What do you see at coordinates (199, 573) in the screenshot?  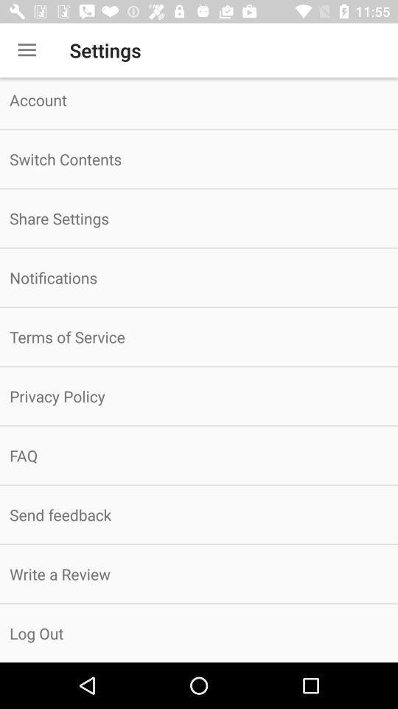 I see `the item below the send feedback item` at bounding box center [199, 573].